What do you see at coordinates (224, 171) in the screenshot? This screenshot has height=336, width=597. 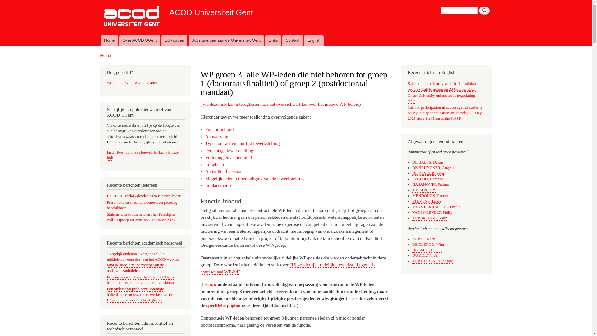 I see `'Aanvullend pensioen'` at bounding box center [224, 171].